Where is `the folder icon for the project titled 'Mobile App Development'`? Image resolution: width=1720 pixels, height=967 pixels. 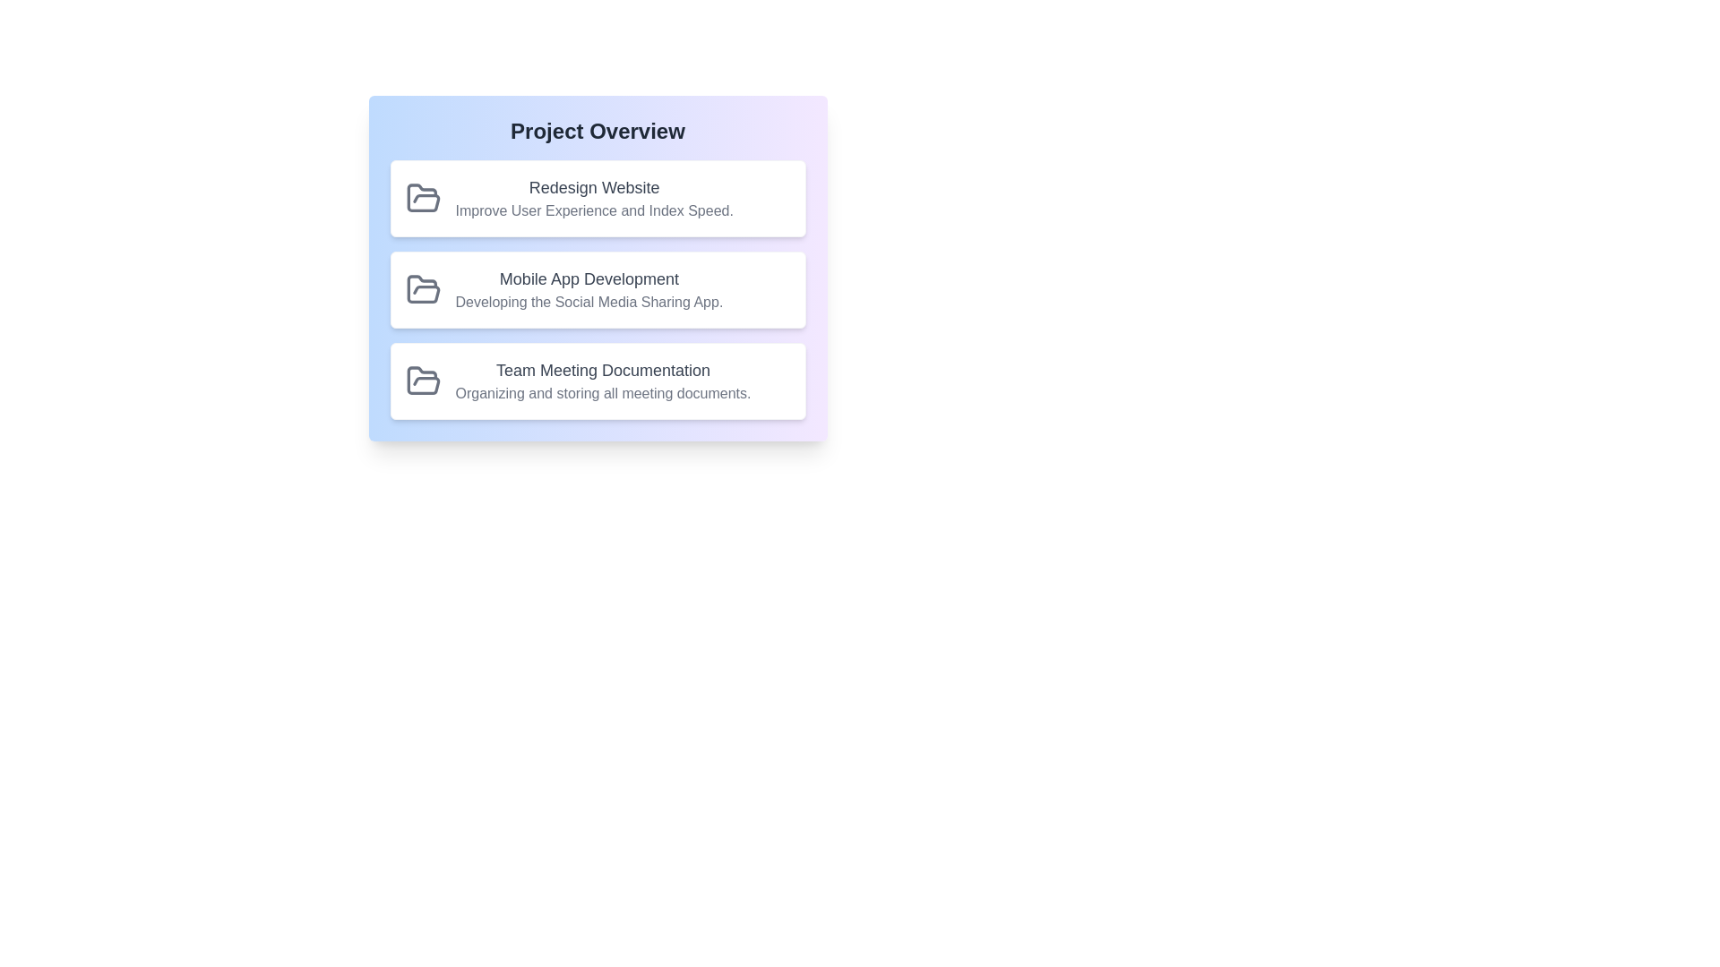 the folder icon for the project titled 'Mobile App Development' is located at coordinates (422, 289).